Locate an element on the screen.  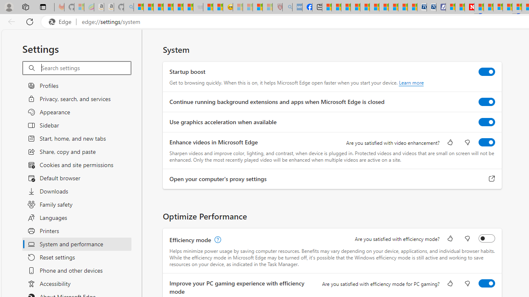
'Improve your PC gaming experience with efficiency mode' is located at coordinates (487, 283).